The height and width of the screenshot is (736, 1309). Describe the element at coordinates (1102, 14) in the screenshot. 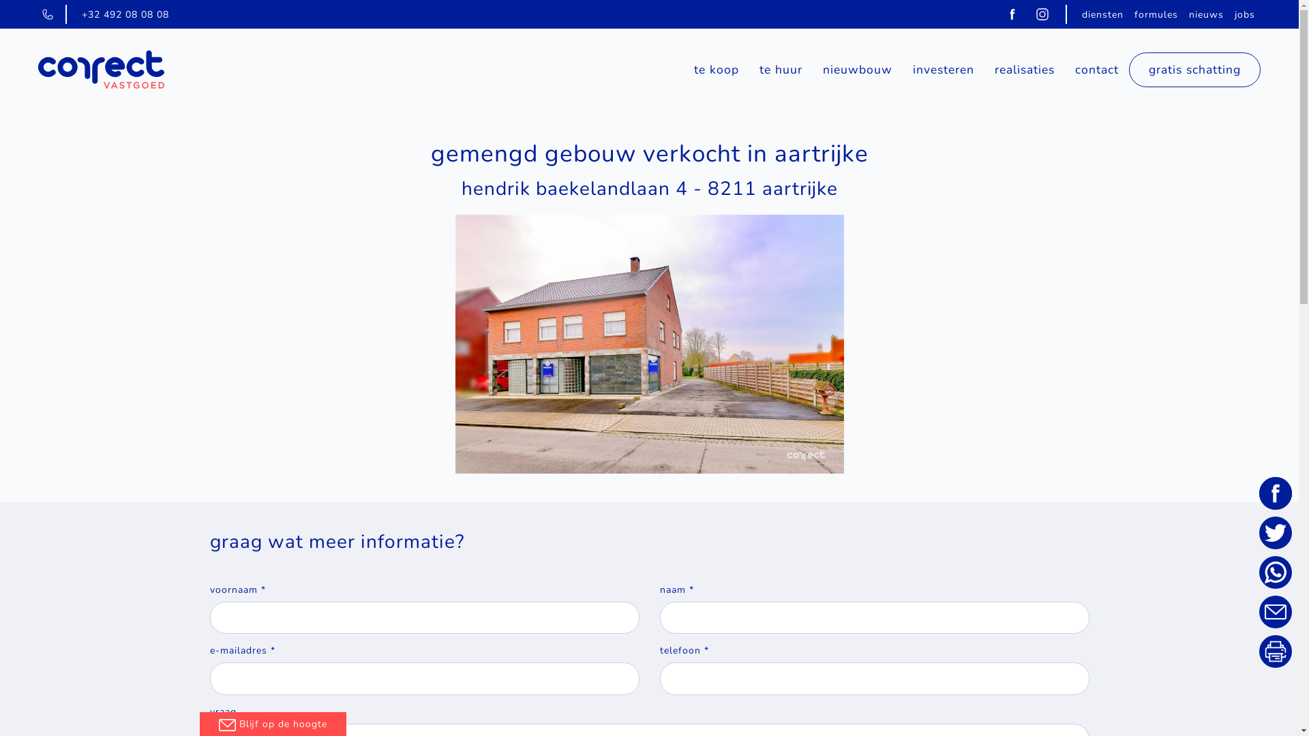

I see `'diensten'` at that location.